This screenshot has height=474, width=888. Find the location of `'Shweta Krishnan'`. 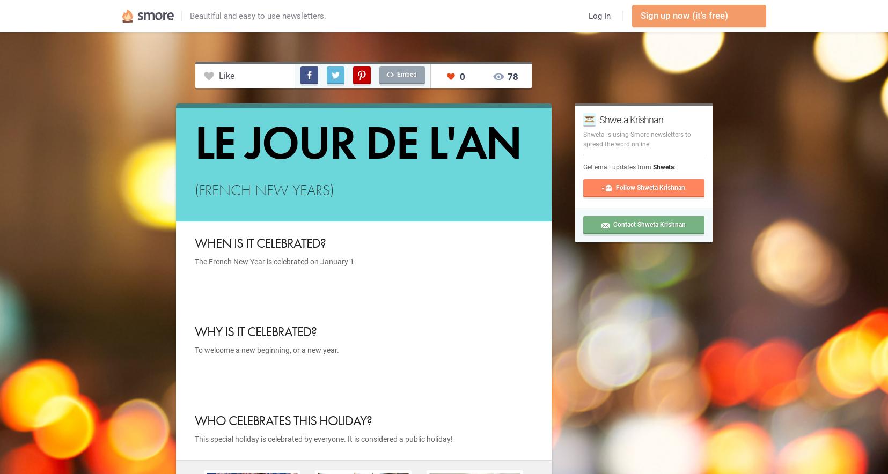

'Shweta Krishnan' is located at coordinates (630, 120).